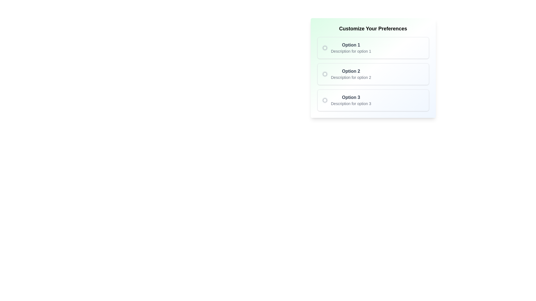 This screenshot has height=301, width=536. I want to click on the radio button labeled 'Option 2', so click(325, 74).